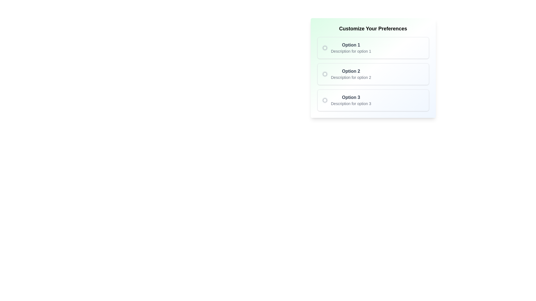 This screenshot has height=301, width=536. I want to click on the radio button labeled 'Option 2', so click(325, 74).